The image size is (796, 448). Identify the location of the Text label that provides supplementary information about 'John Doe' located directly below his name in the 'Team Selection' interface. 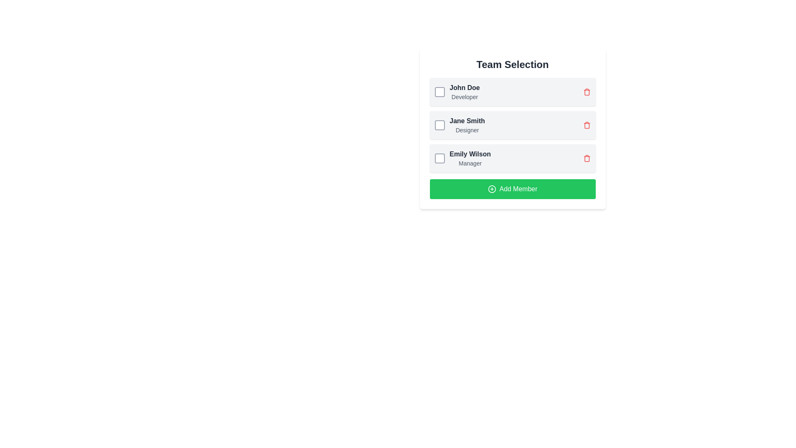
(464, 97).